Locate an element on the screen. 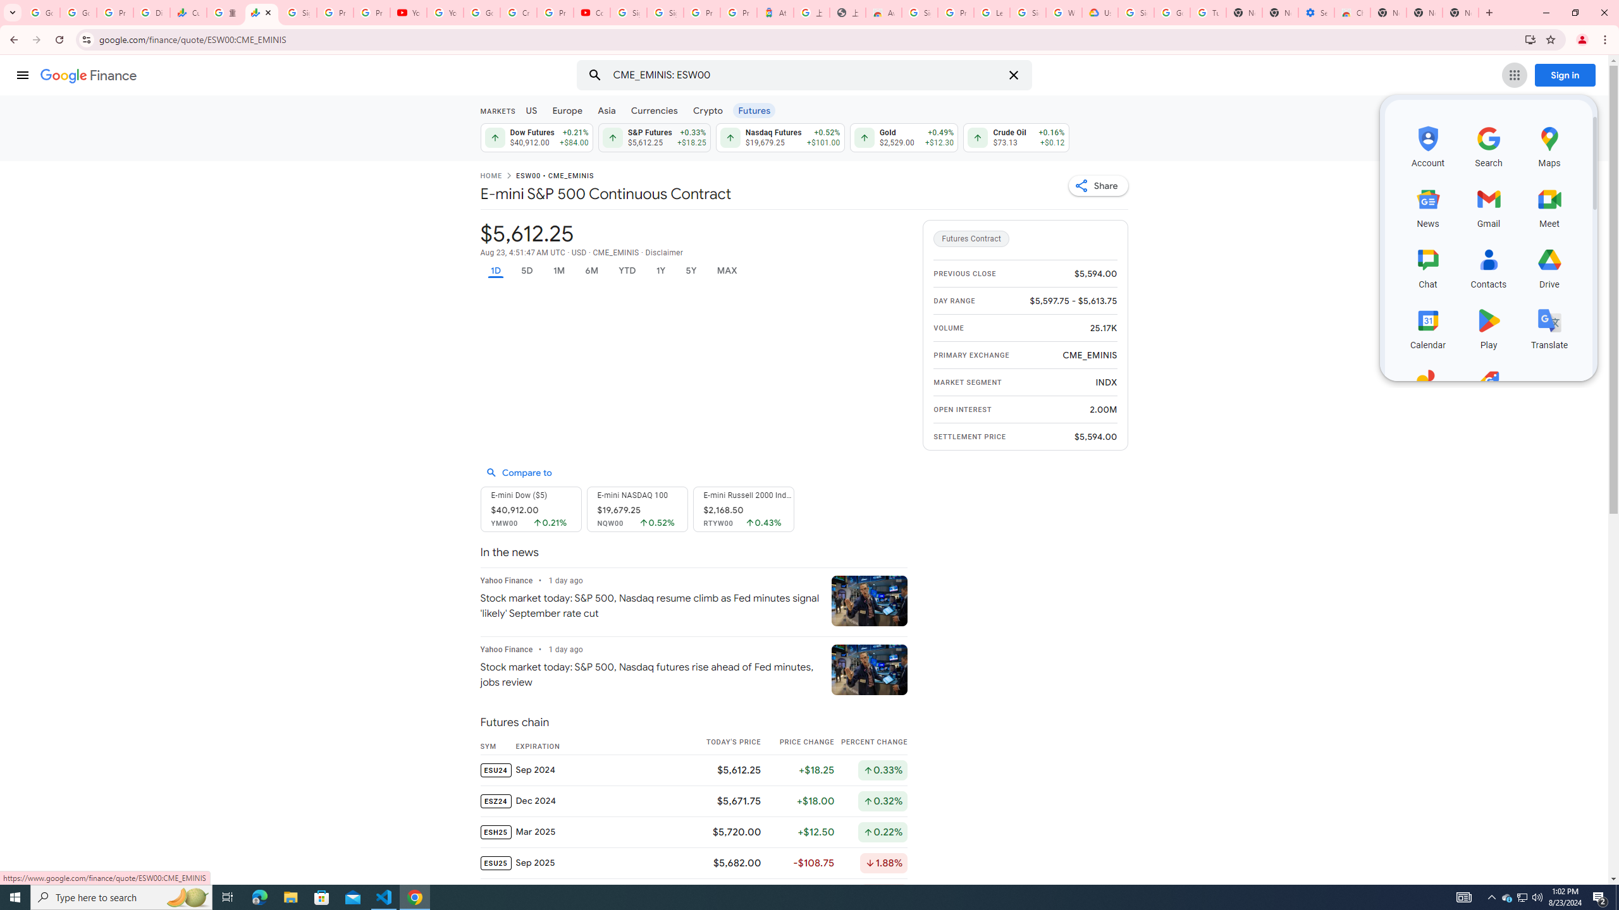 This screenshot has width=1619, height=910. 'ESU25 Sep 2025 $5,682.00 -$108.75 Down by 1.88%' is located at coordinates (693, 862).